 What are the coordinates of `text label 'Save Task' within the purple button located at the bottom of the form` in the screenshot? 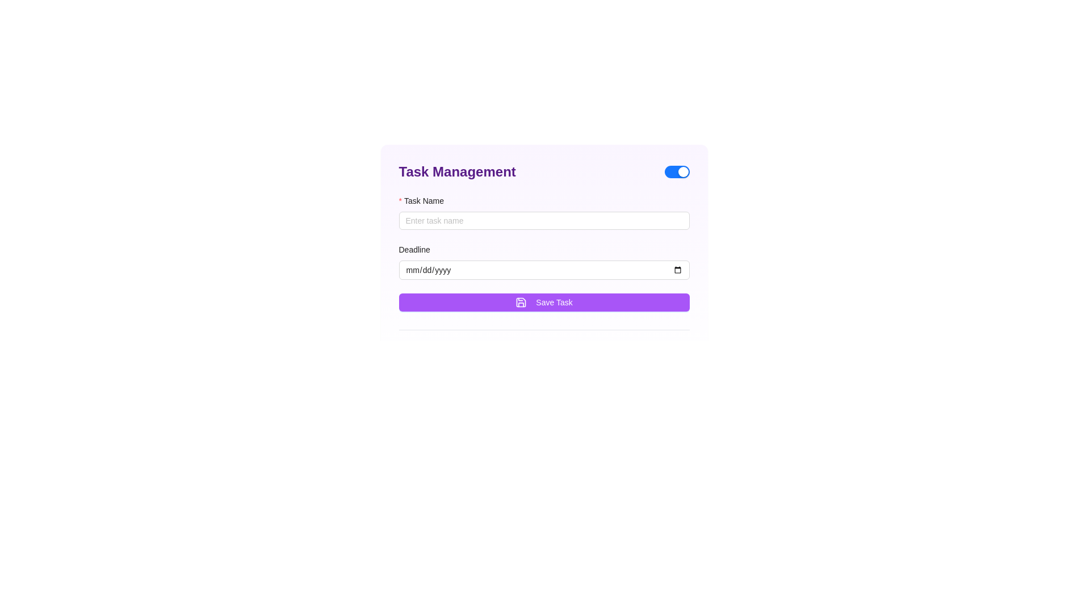 It's located at (554, 301).